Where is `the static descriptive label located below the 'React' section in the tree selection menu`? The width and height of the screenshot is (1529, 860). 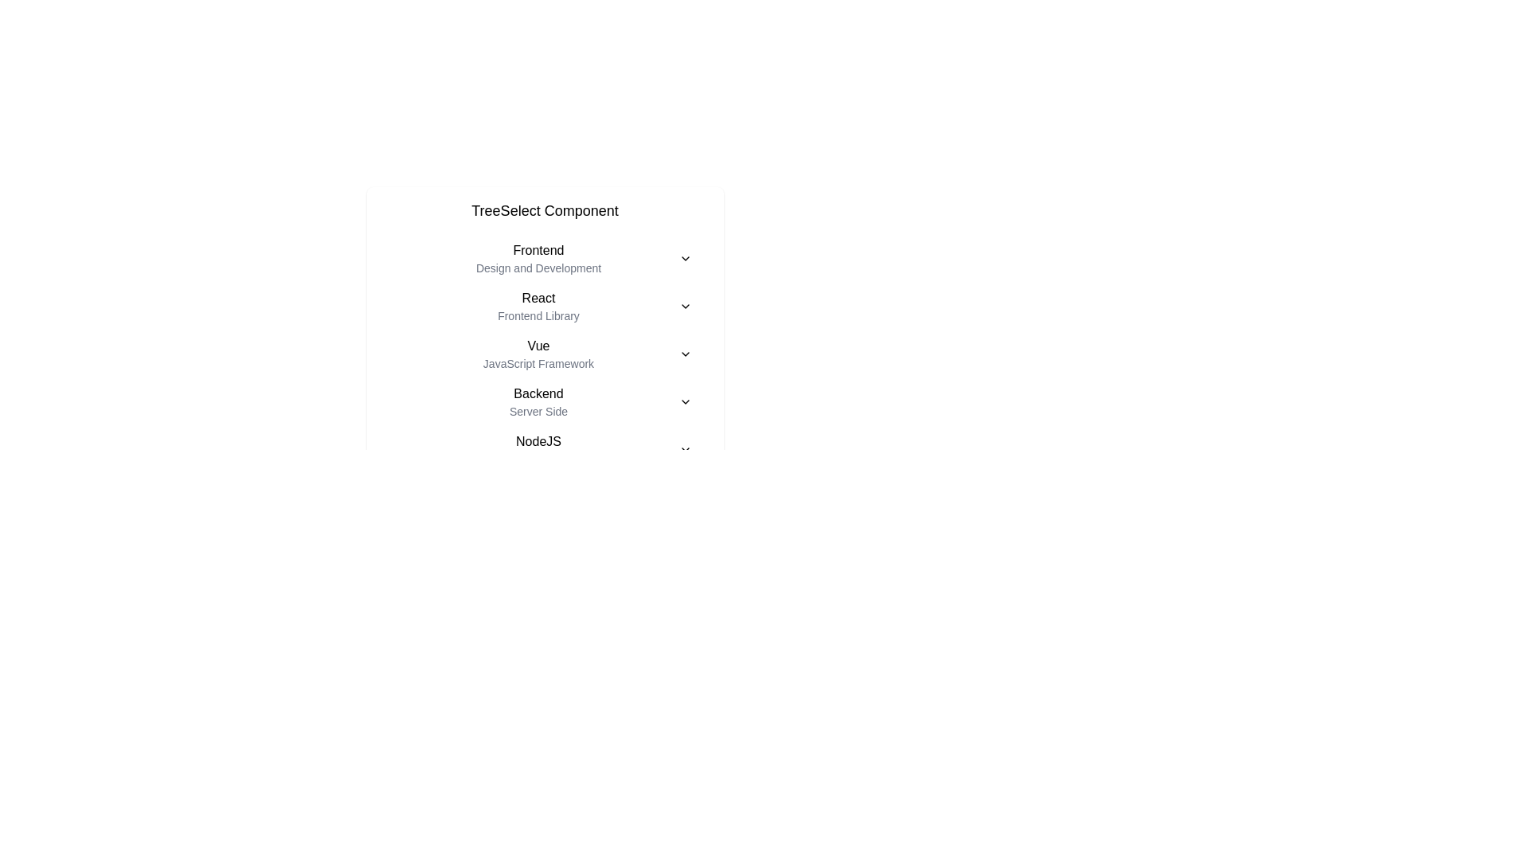
the static descriptive label located below the 'React' section in the tree selection menu is located at coordinates (538, 316).